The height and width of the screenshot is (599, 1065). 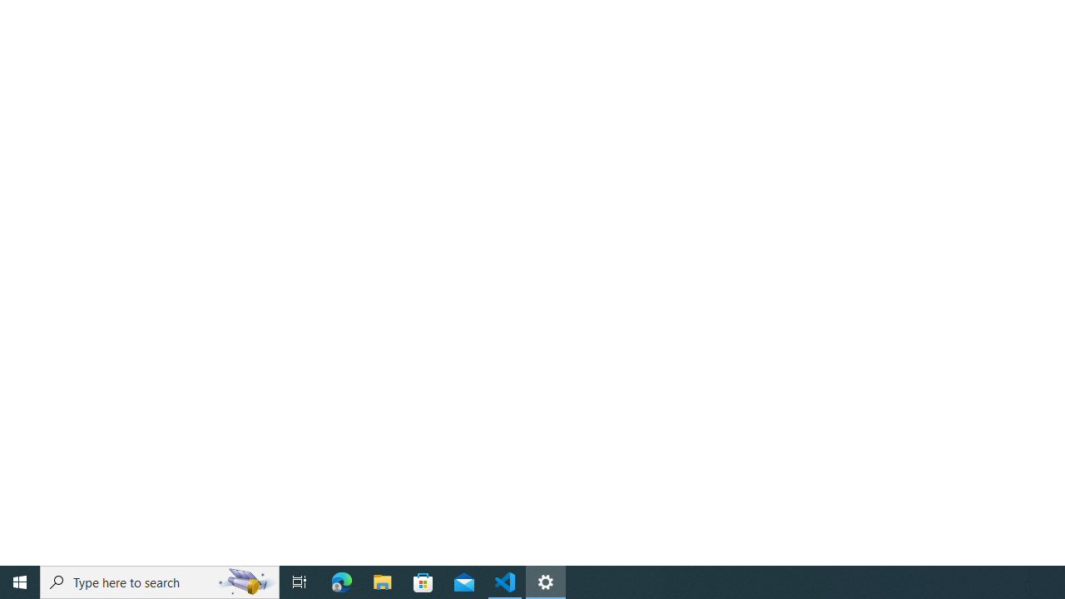 What do you see at coordinates (20, 581) in the screenshot?
I see `'Start'` at bounding box center [20, 581].